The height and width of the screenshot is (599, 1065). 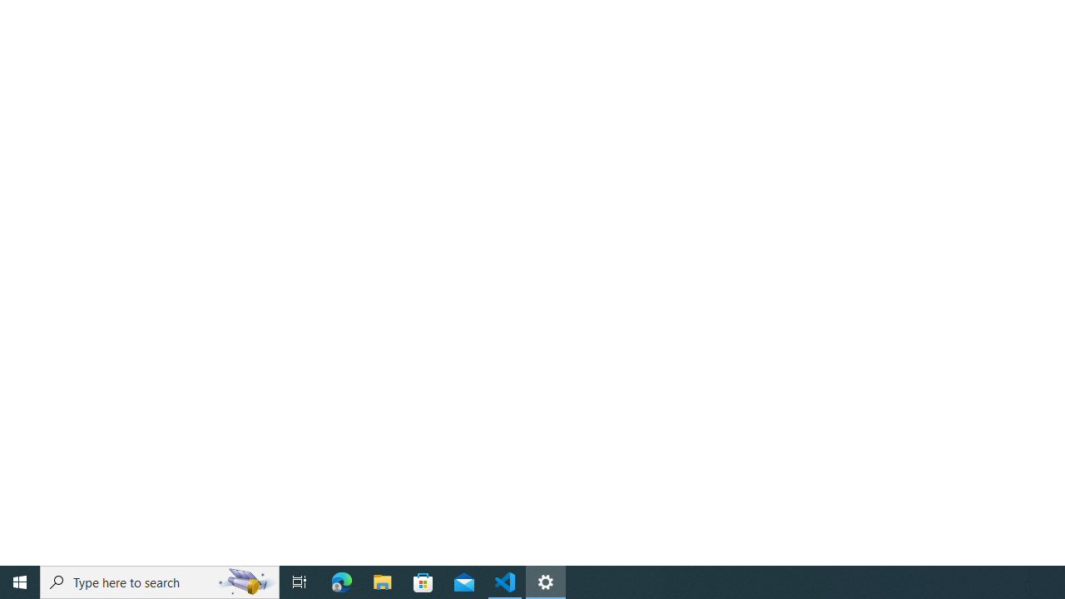 What do you see at coordinates (20, 581) in the screenshot?
I see `'Start'` at bounding box center [20, 581].